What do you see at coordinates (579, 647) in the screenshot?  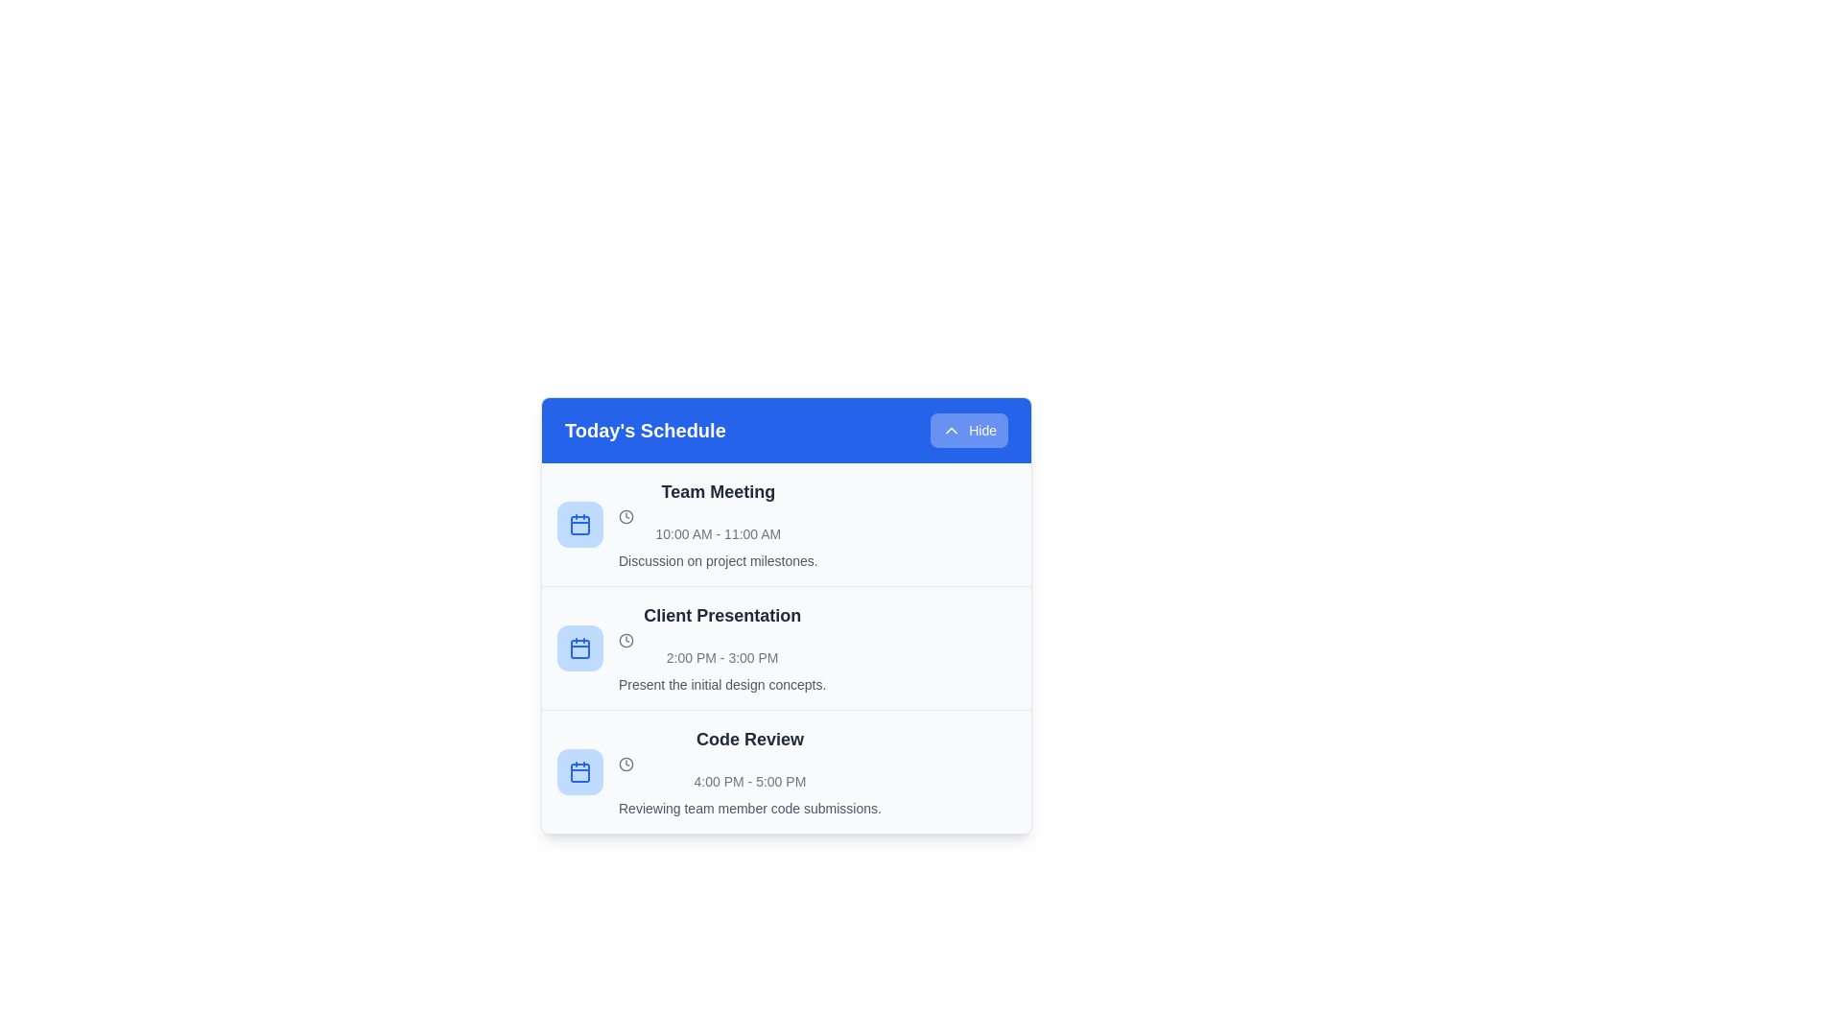 I see `the blue circular calendar icon located in the 'Client Presentation' section of the 'Today's Schedule' panel to associate it with its context` at bounding box center [579, 647].